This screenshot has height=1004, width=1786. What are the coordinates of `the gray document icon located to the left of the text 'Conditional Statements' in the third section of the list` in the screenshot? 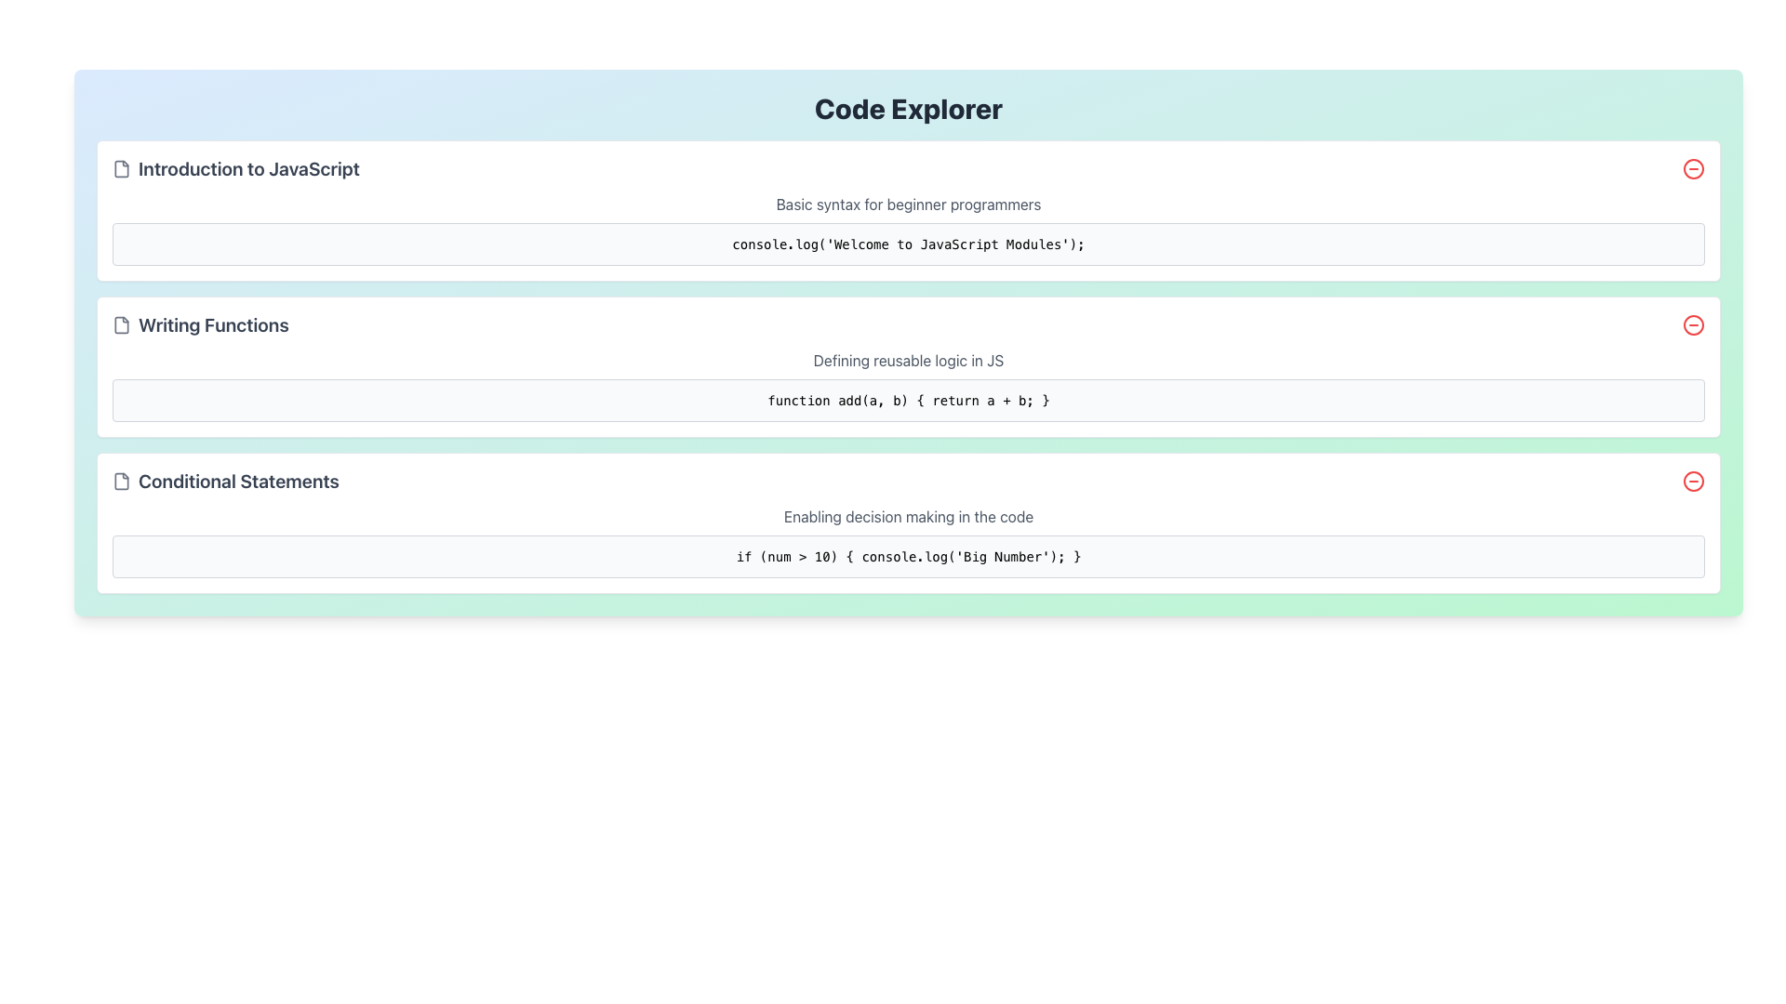 It's located at (120, 480).